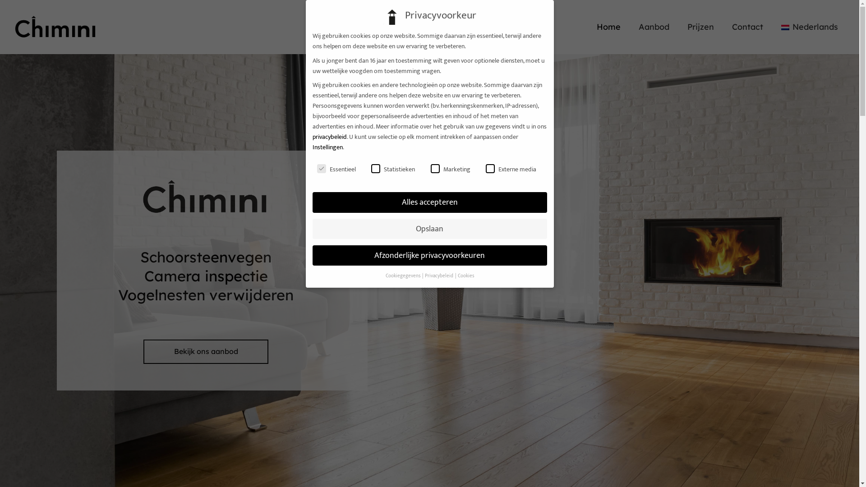  Describe the element at coordinates (700, 27) in the screenshot. I see `'Prijzen'` at that location.